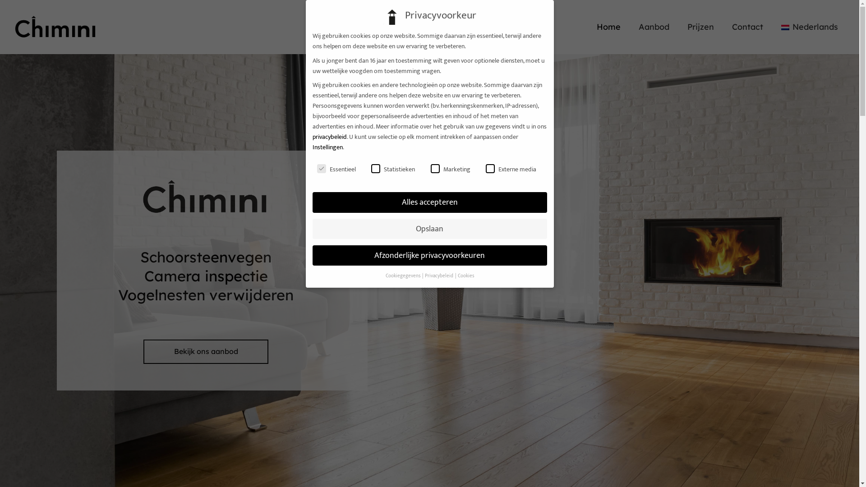  Describe the element at coordinates (700, 27) in the screenshot. I see `'Prijzen'` at that location.